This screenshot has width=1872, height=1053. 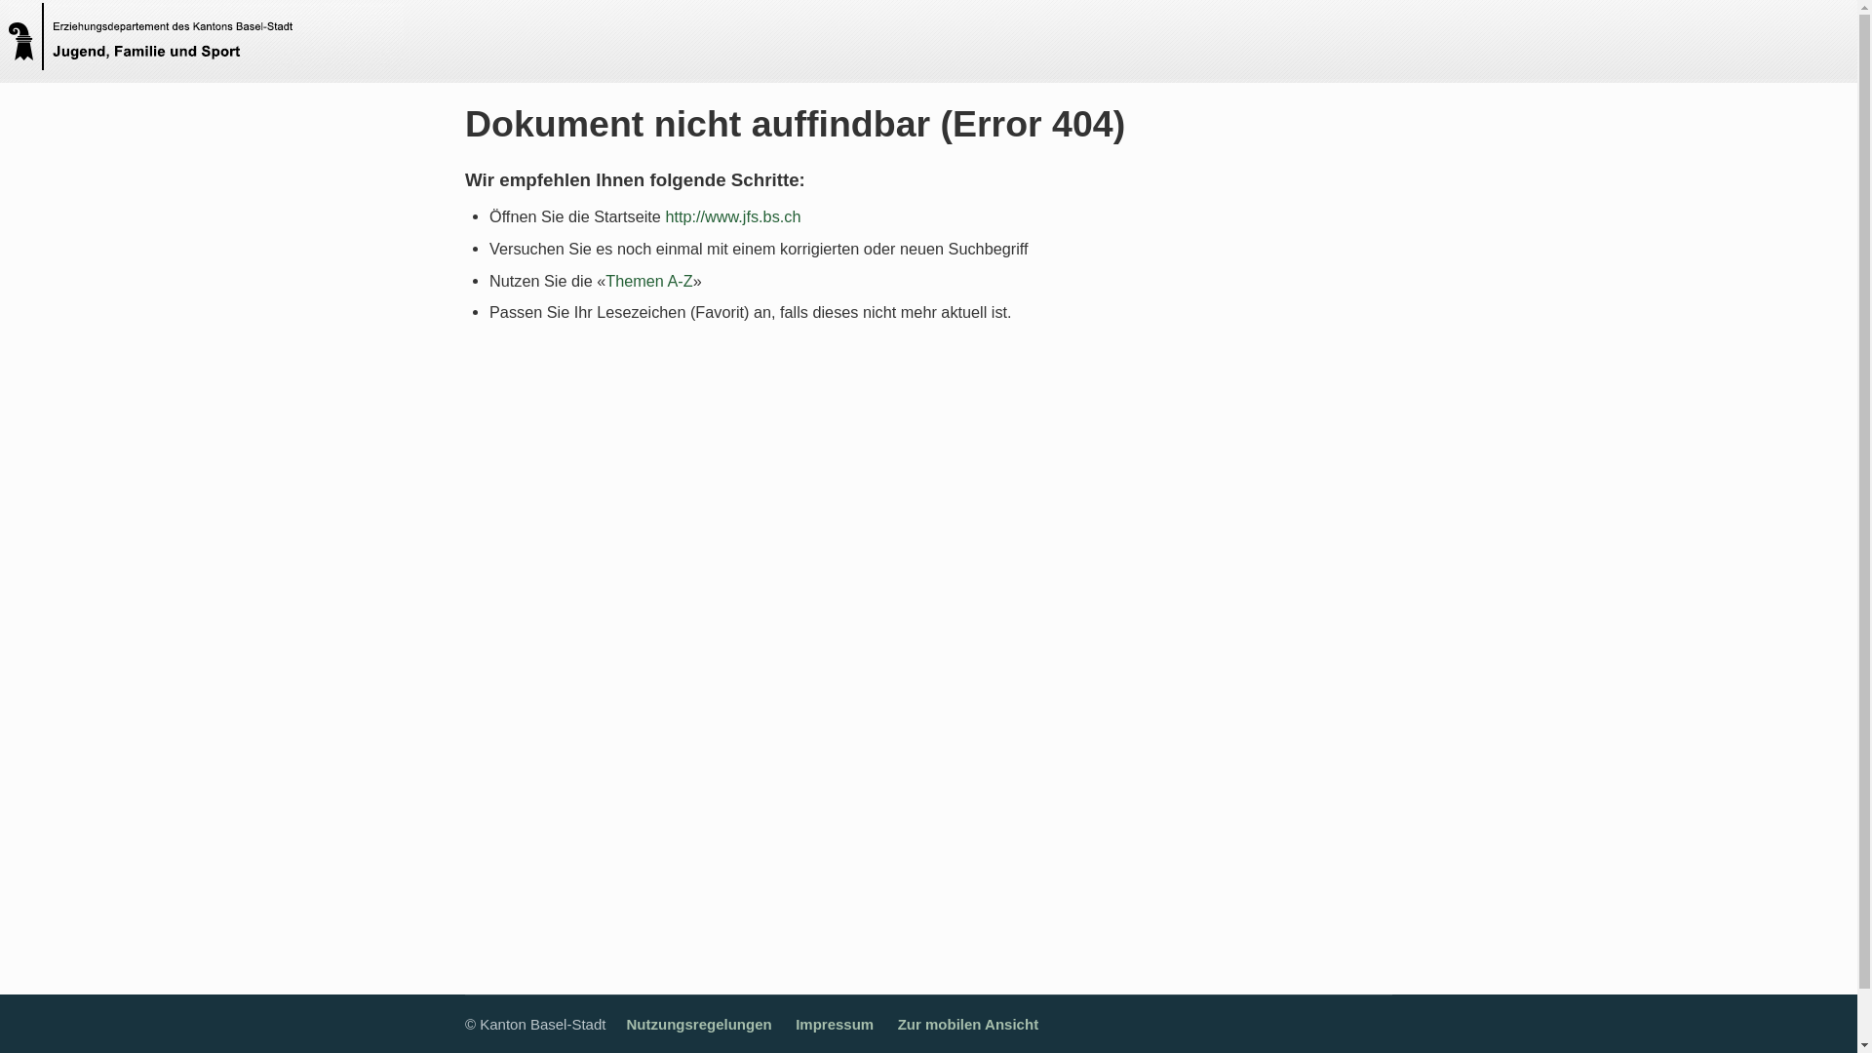 What do you see at coordinates (968, 1023) in the screenshot?
I see `'Zur mobilen Ansicht'` at bounding box center [968, 1023].